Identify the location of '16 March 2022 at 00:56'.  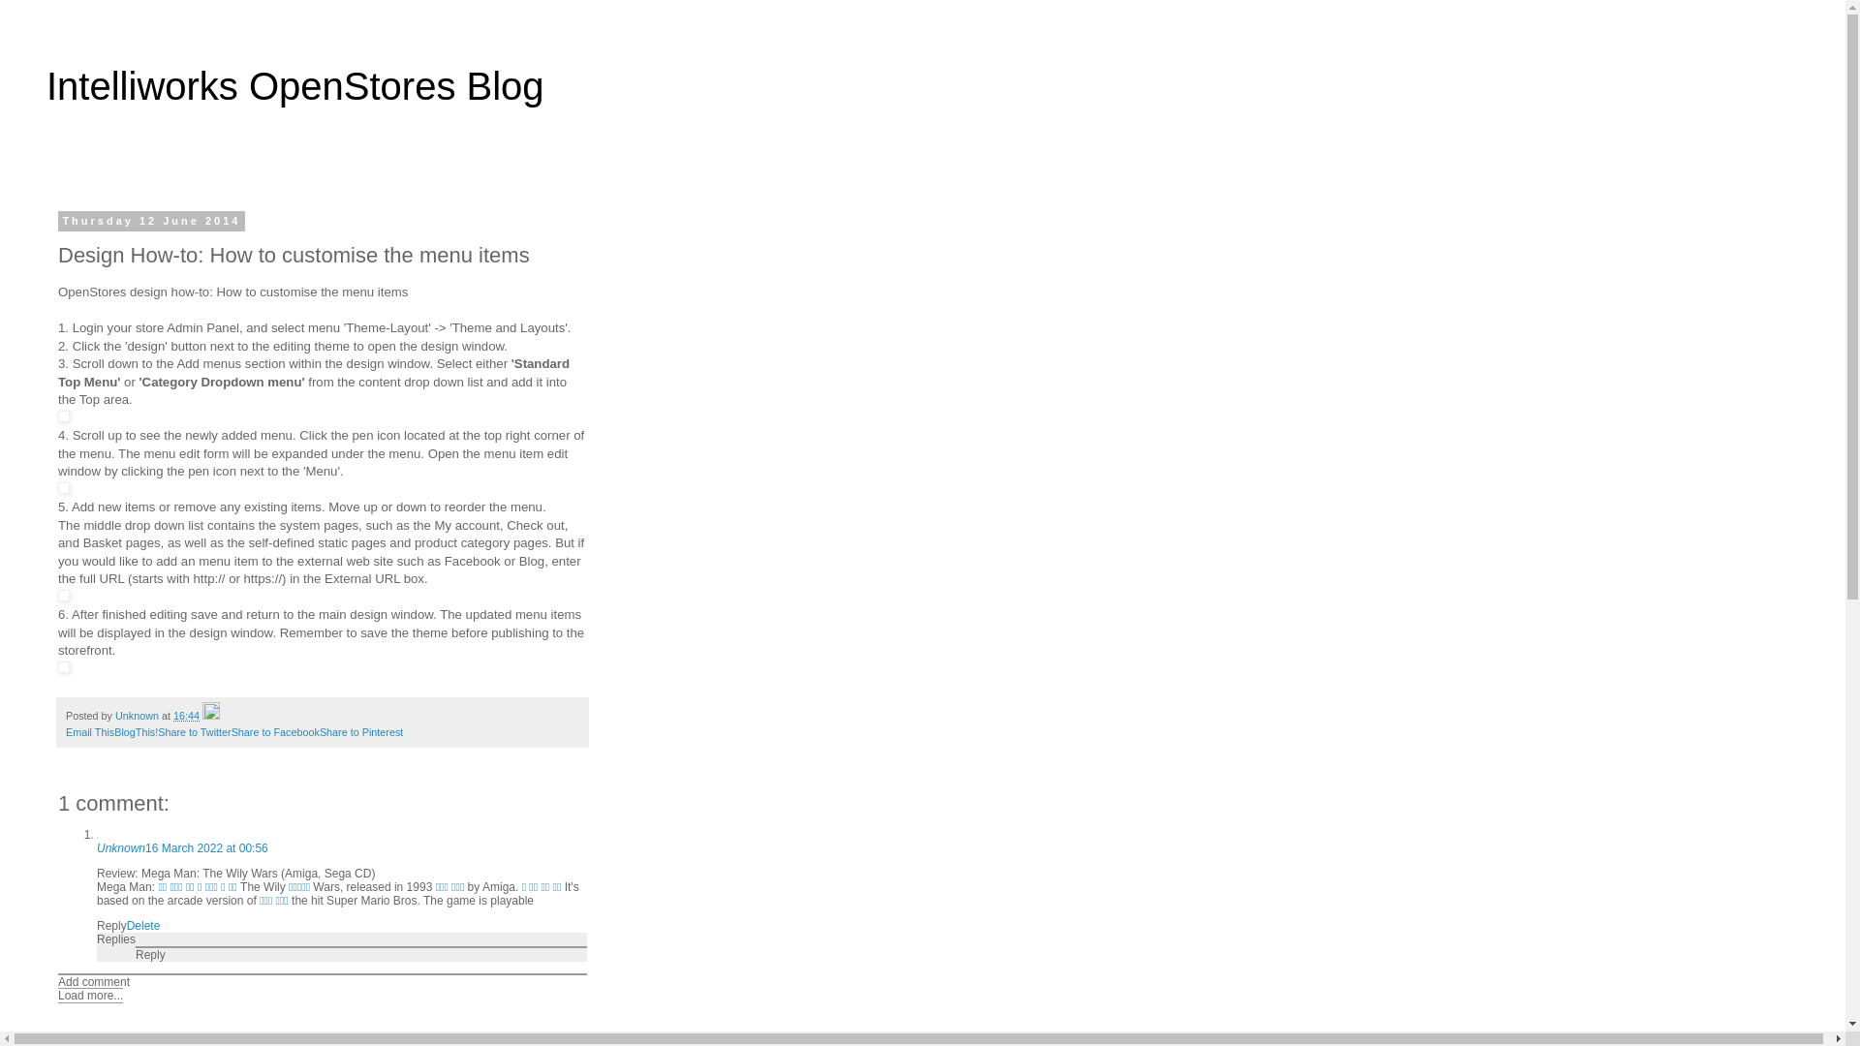
(206, 846).